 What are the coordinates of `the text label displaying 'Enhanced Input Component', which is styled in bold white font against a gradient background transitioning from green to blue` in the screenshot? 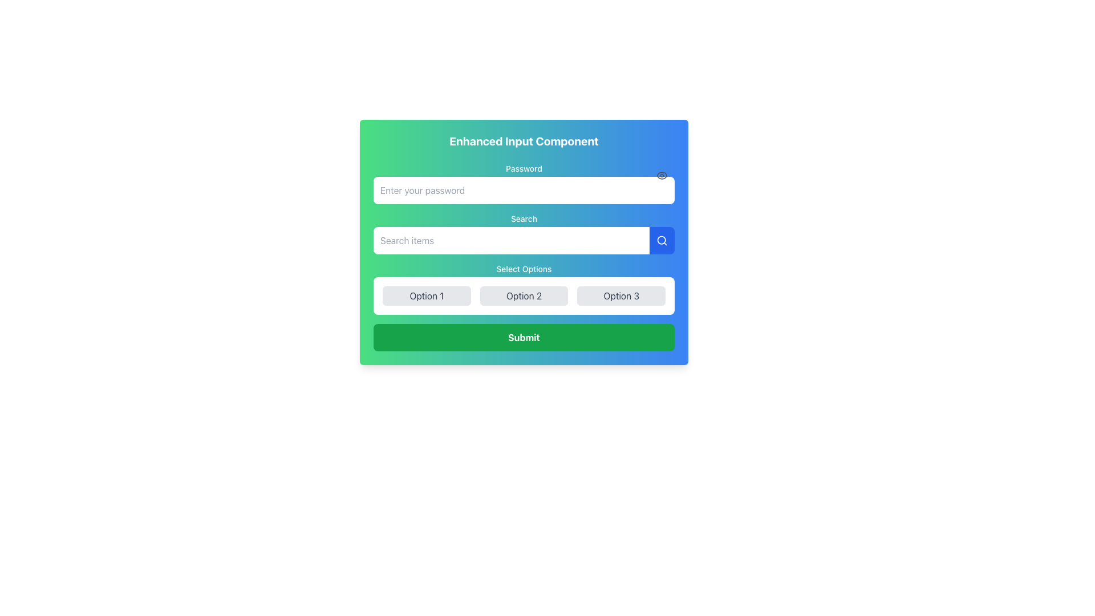 It's located at (523, 140).